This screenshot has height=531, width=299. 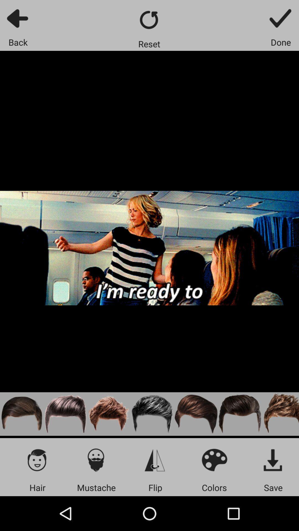 I want to click on the item above the save app, so click(x=273, y=460).